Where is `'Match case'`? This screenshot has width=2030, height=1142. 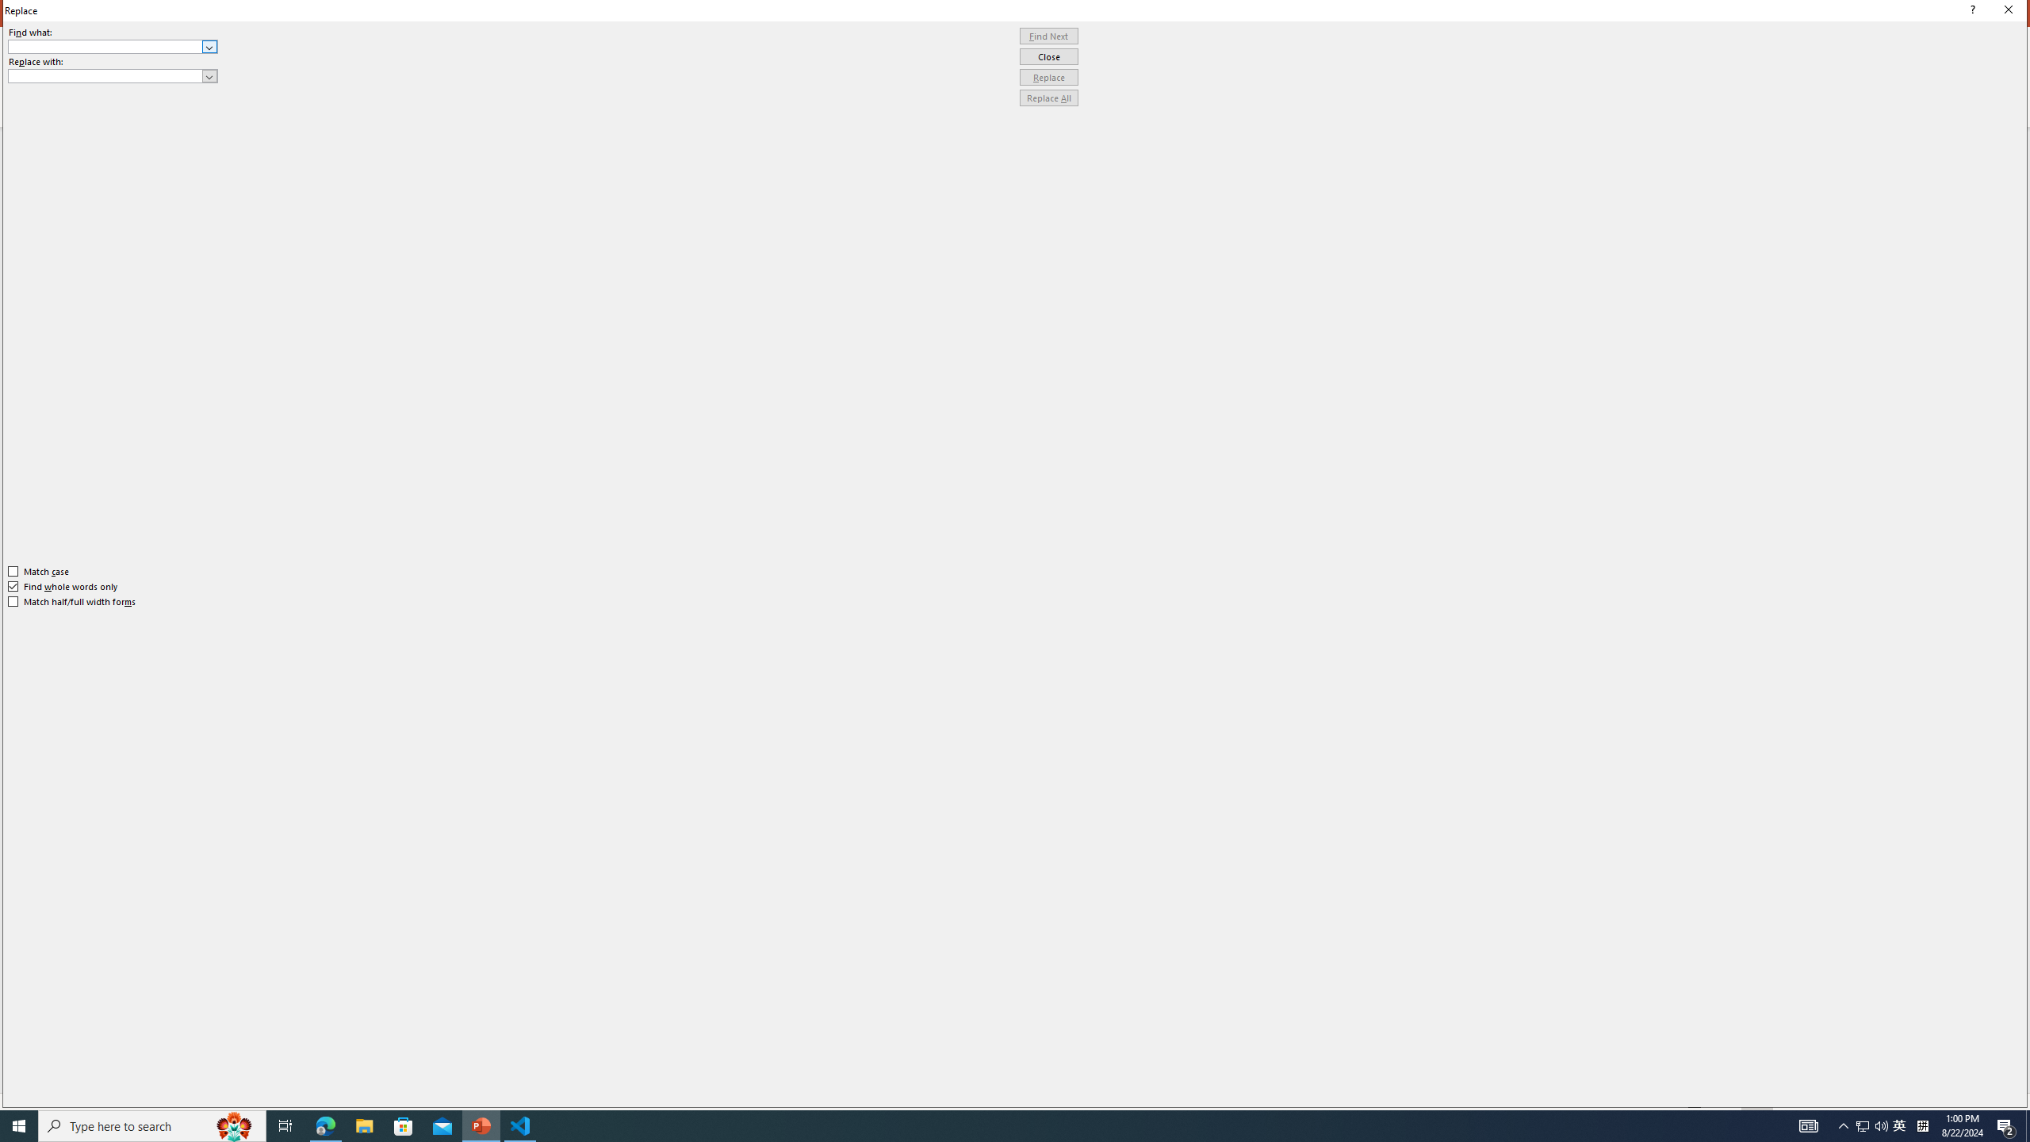
'Match case' is located at coordinates (38, 571).